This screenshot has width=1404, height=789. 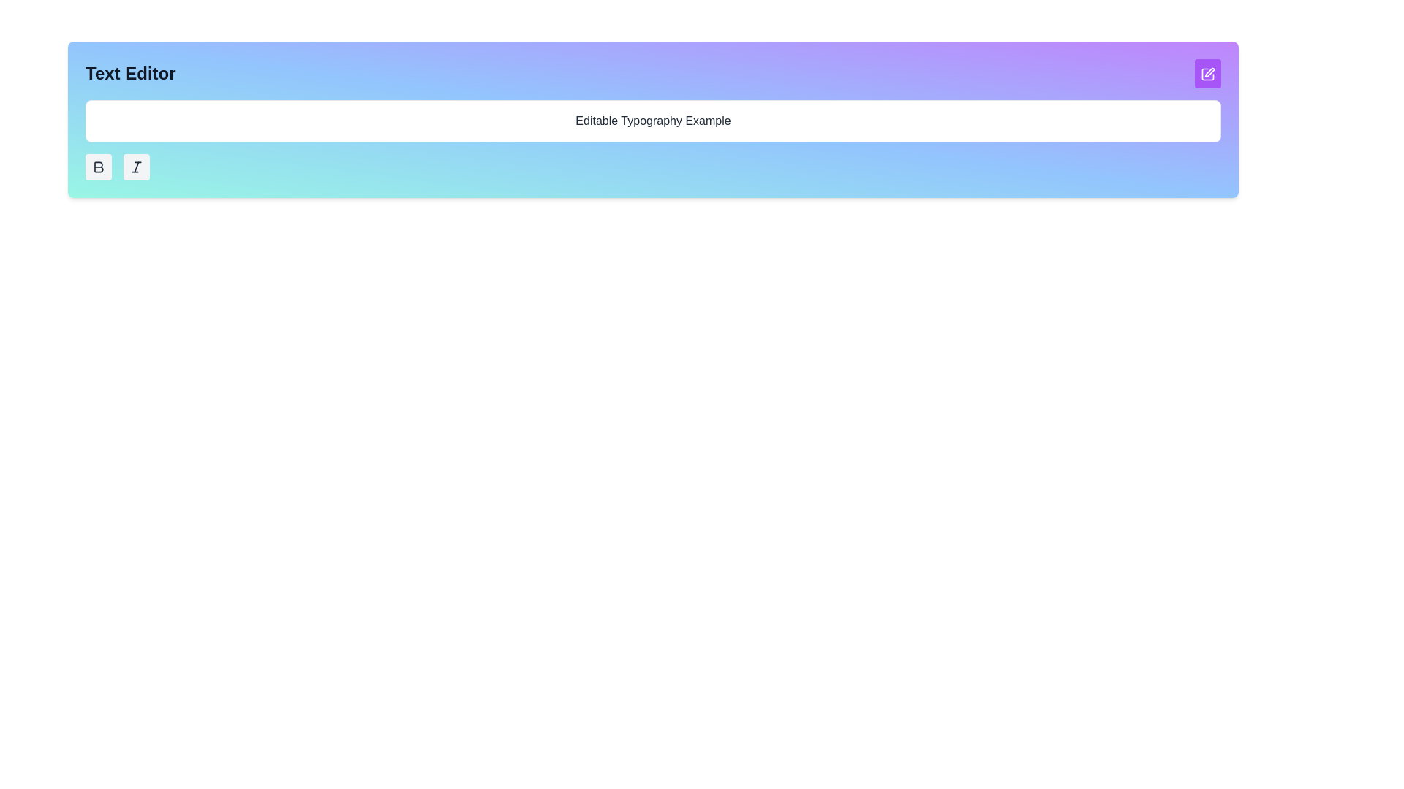 I want to click on the interactive button in the top-right corner of the 'Text Editor' header section, so click(x=1207, y=73).